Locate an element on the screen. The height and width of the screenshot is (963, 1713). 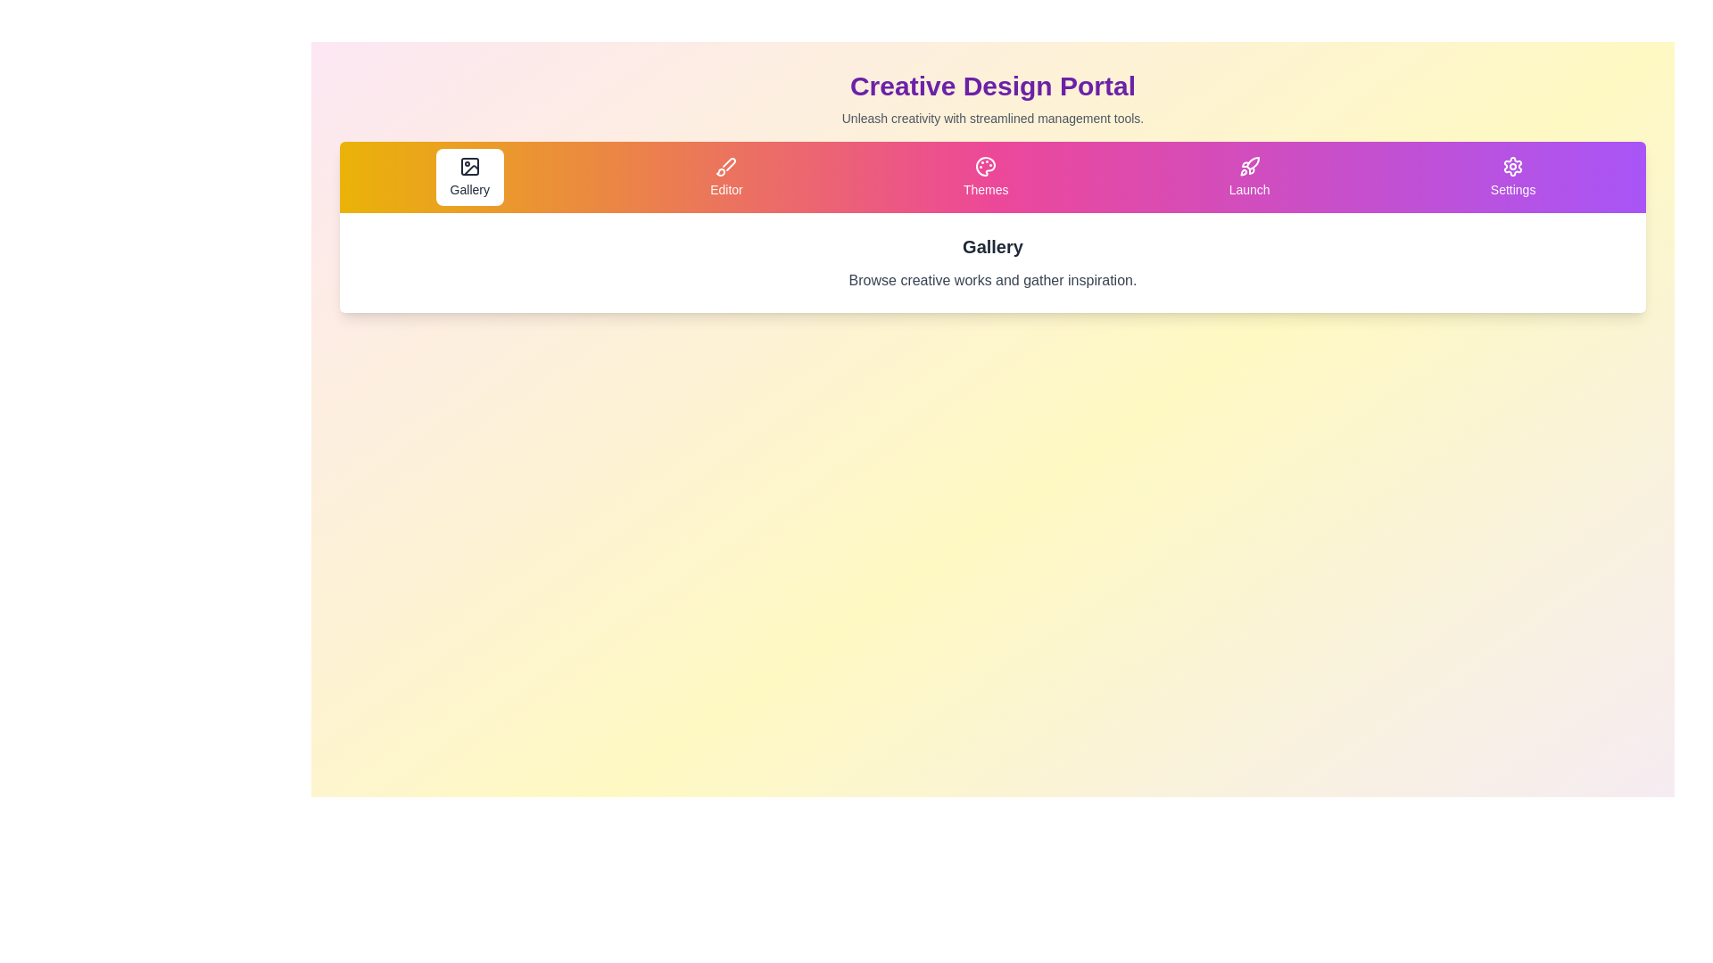
the 'Launch' button, which is a pink to purple gradient button with a white rocket icon, located in the top navigation bar is located at coordinates (1248, 177).